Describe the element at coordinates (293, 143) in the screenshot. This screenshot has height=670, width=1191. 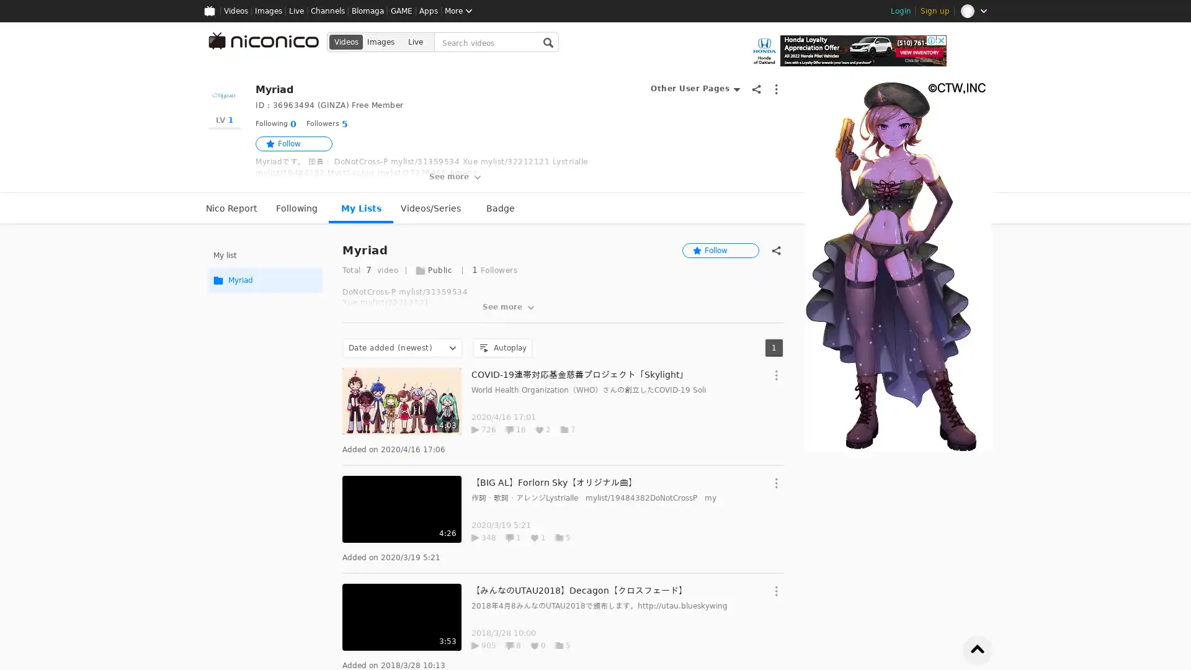
I see `Follow` at that location.